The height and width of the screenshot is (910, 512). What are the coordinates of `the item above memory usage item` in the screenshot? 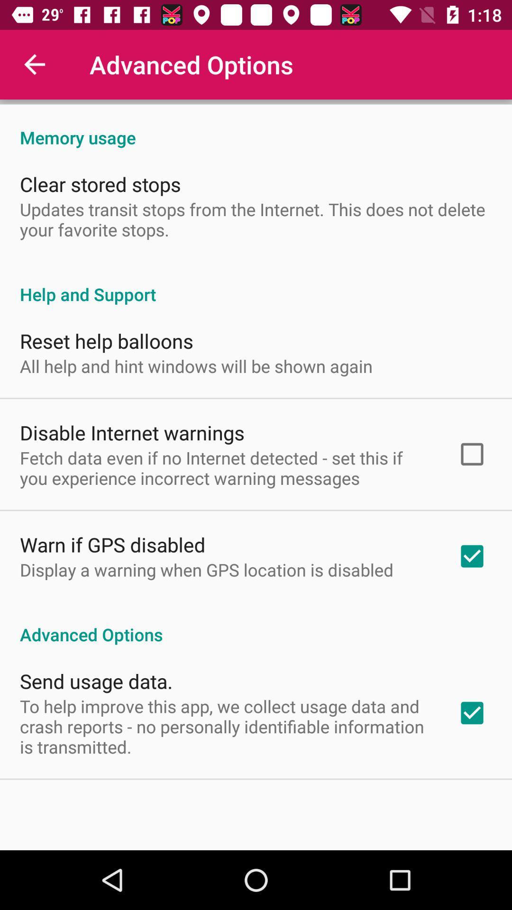 It's located at (256, 102).